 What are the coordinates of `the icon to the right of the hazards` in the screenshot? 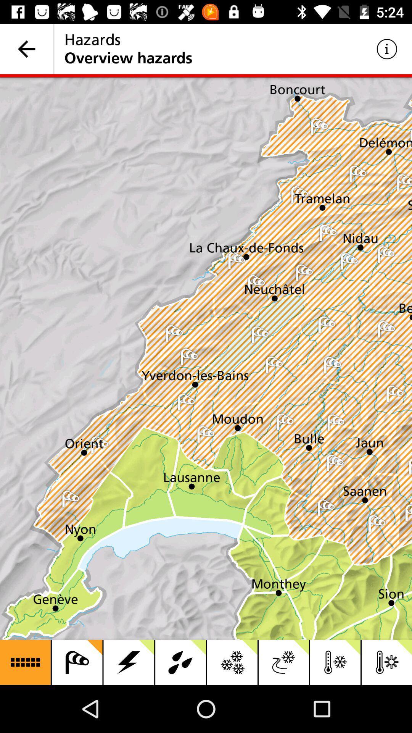 It's located at (387, 48).